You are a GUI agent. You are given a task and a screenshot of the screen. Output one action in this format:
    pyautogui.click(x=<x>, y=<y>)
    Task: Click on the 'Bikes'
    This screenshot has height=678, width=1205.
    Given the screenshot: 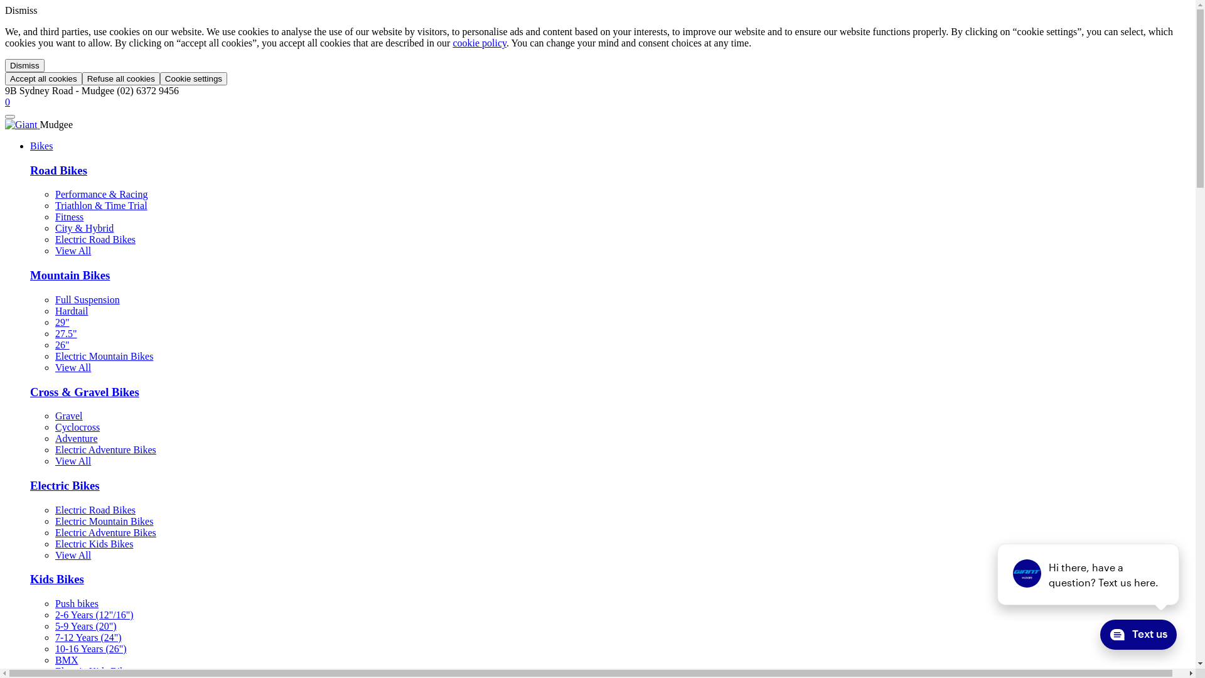 What is the action you would take?
    pyautogui.click(x=41, y=145)
    